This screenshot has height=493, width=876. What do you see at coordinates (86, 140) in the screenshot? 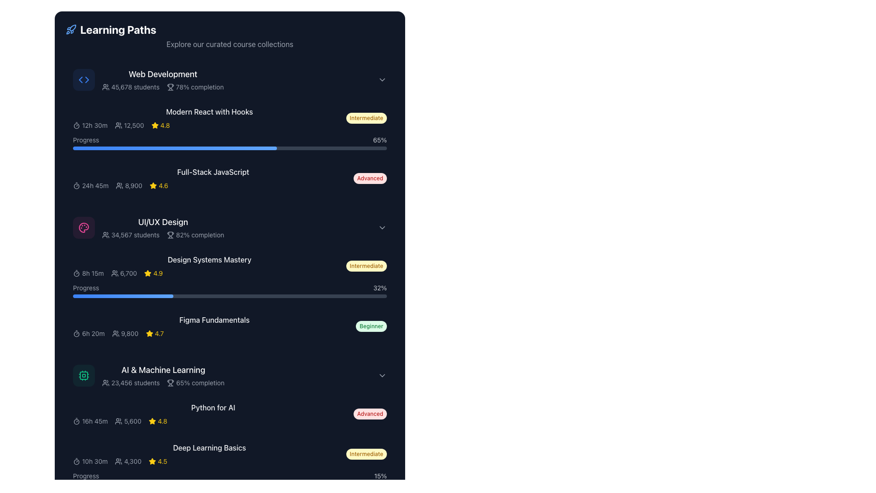
I see `the gray-colored text label reading 'Progress' located on a dark background` at bounding box center [86, 140].